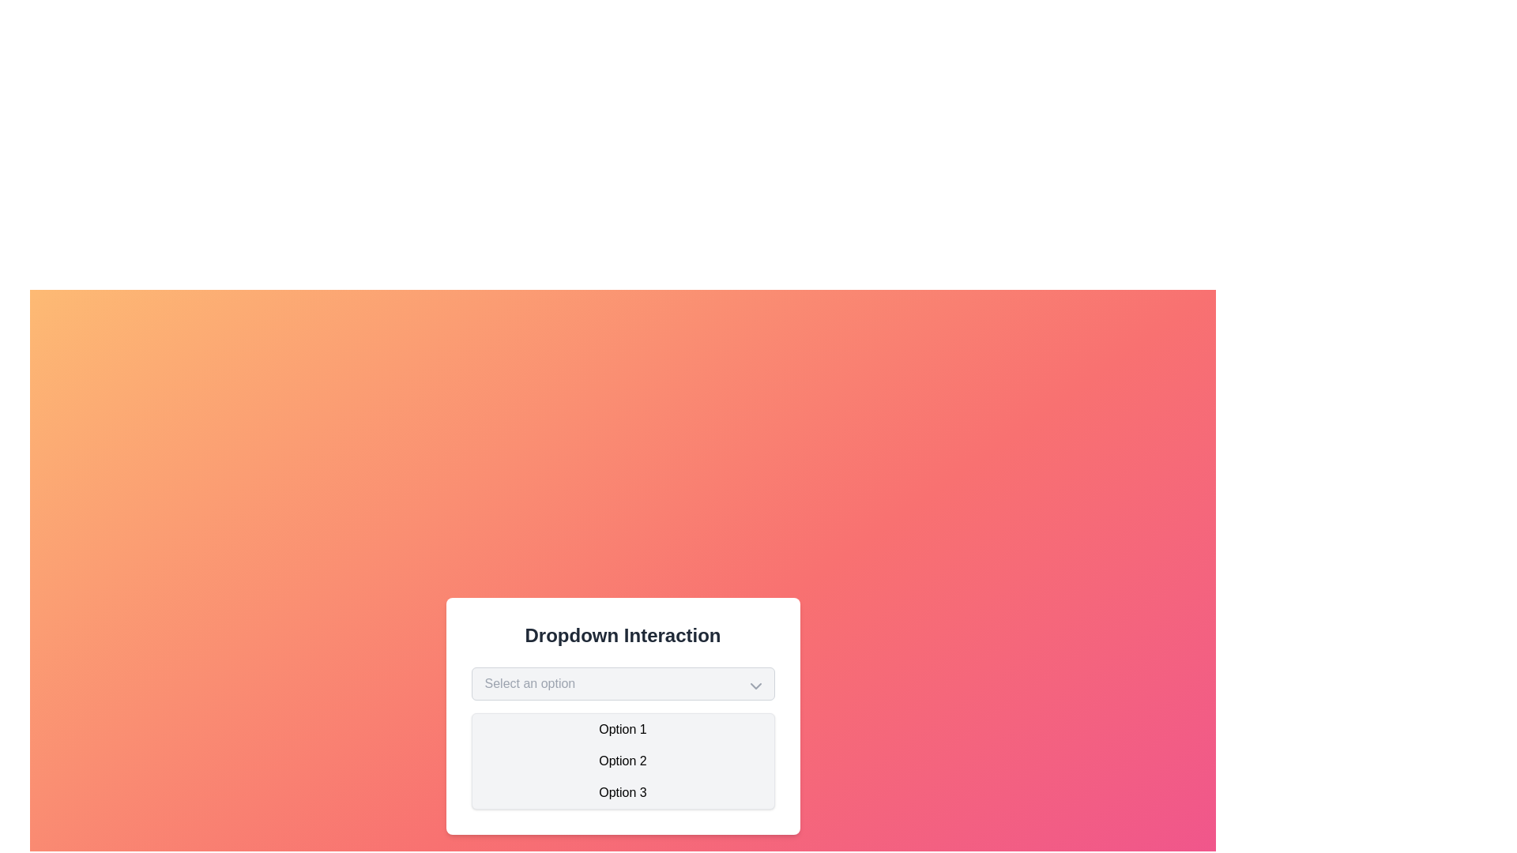  Describe the element at coordinates (622, 730) in the screenshot. I see `the first option labeled 'Option 1' in the dropdown menu to activate its hover state` at that location.